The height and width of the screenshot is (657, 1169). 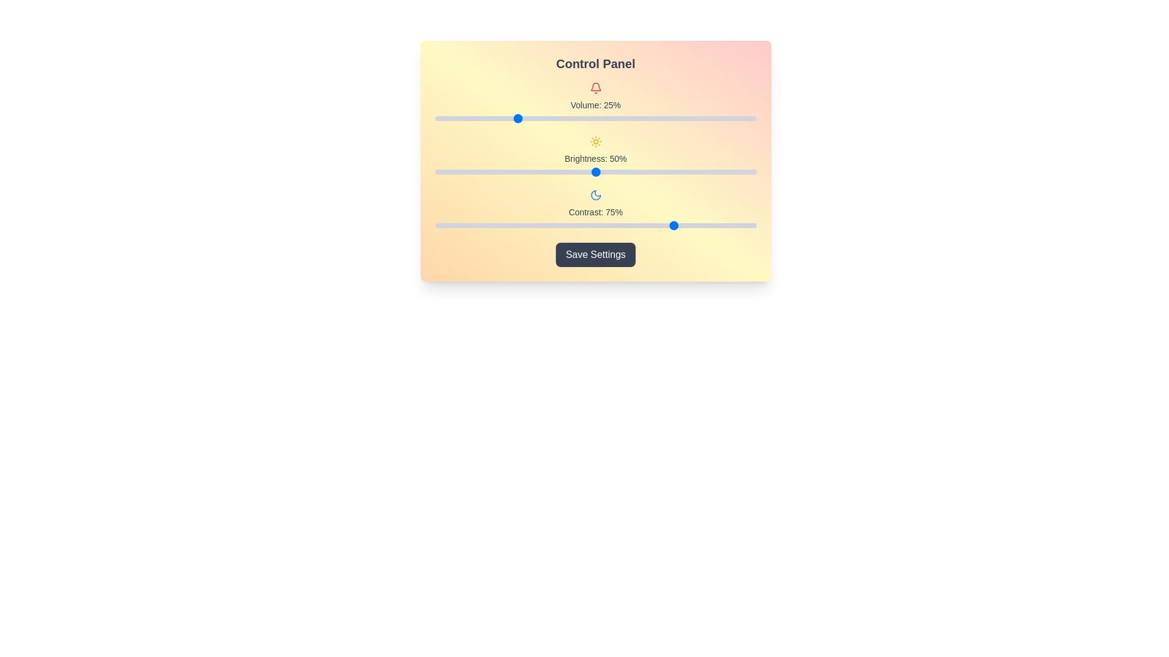 What do you see at coordinates (589, 119) in the screenshot?
I see `the volume` at bounding box center [589, 119].